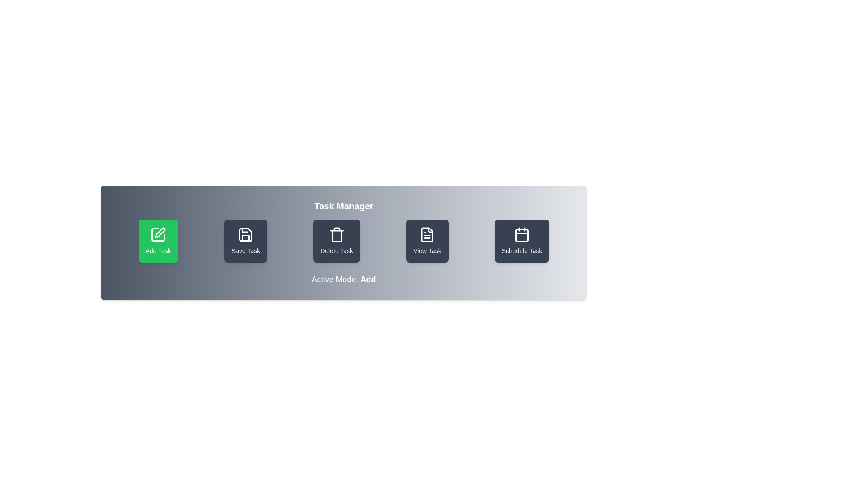  Describe the element at coordinates (158, 241) in the screenshot. I see `the button labeled 'Add Task' to observe its hover effect` at that location.